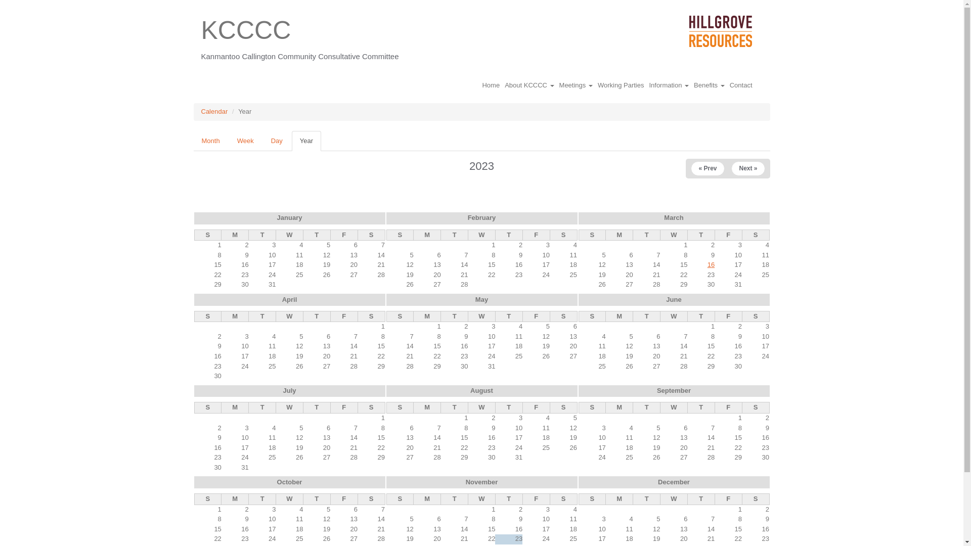  What do you see at coordinates (711, 264) in the screenshot?
I see `'16'` at bounding box center [711, 264].